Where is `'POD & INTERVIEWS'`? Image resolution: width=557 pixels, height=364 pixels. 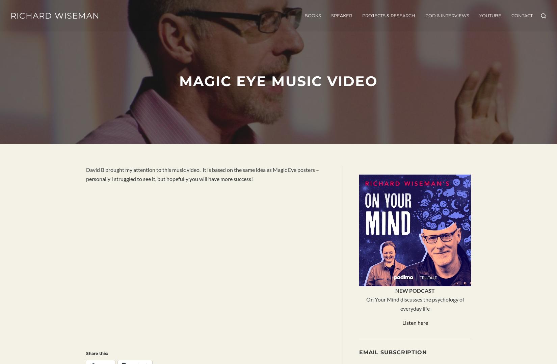
'POD & INTERVIEWS' is located at coordinates (446, 16).